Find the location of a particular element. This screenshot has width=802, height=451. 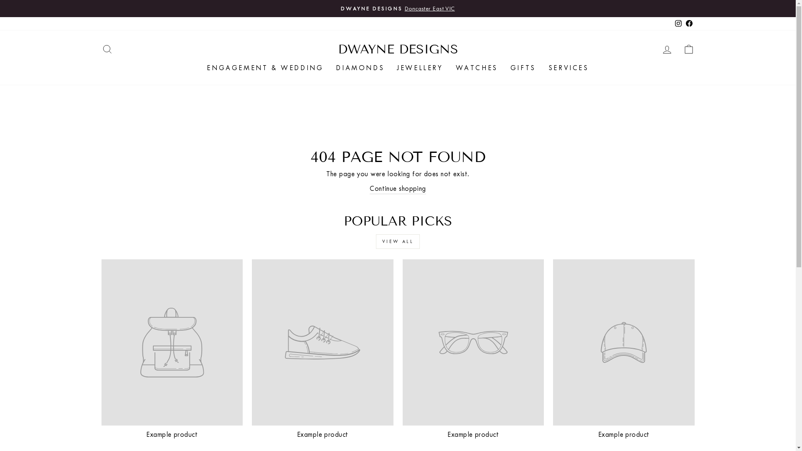

'DIAMONDS' is located at coordinates (360, 67).